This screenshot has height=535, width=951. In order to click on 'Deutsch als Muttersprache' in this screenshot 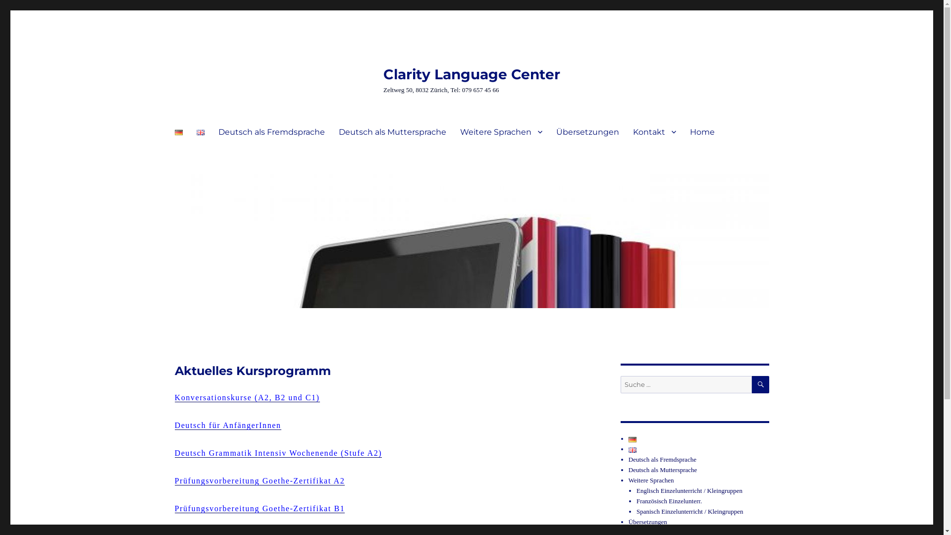, I will do `click(663, 469)`.